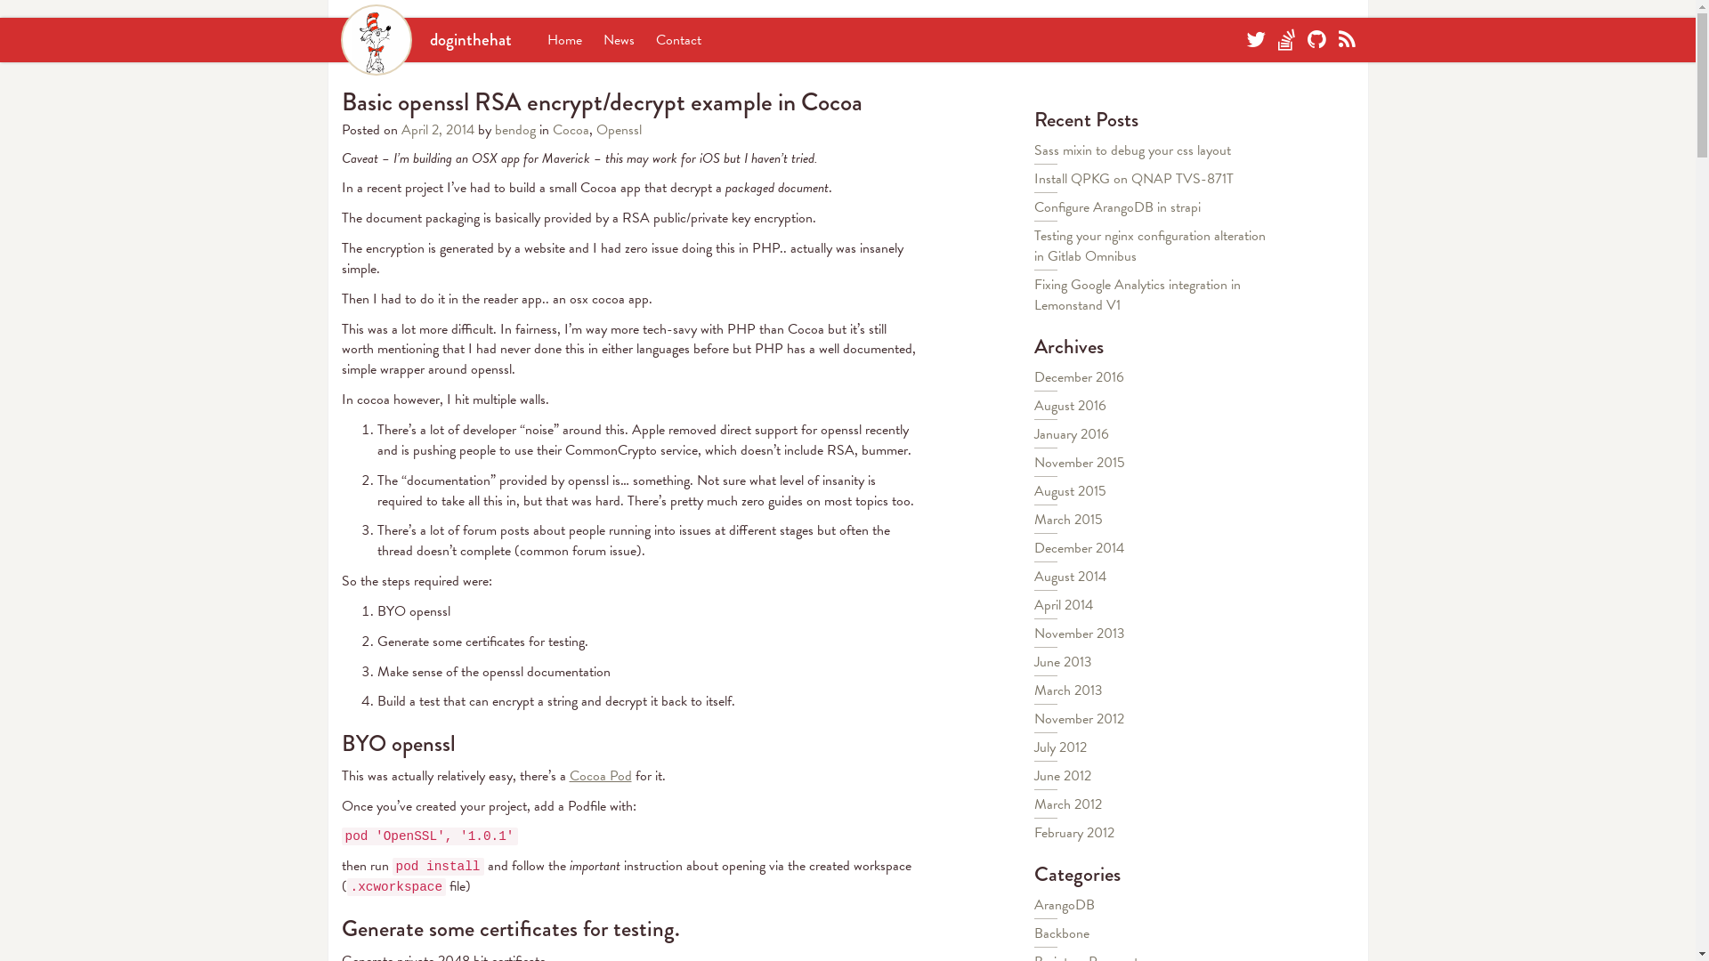  What do you see at coordinates (1316, 40) in the screenshot?
I see `'I sometime contribute to github.'` at bounding box center [1316, 40].